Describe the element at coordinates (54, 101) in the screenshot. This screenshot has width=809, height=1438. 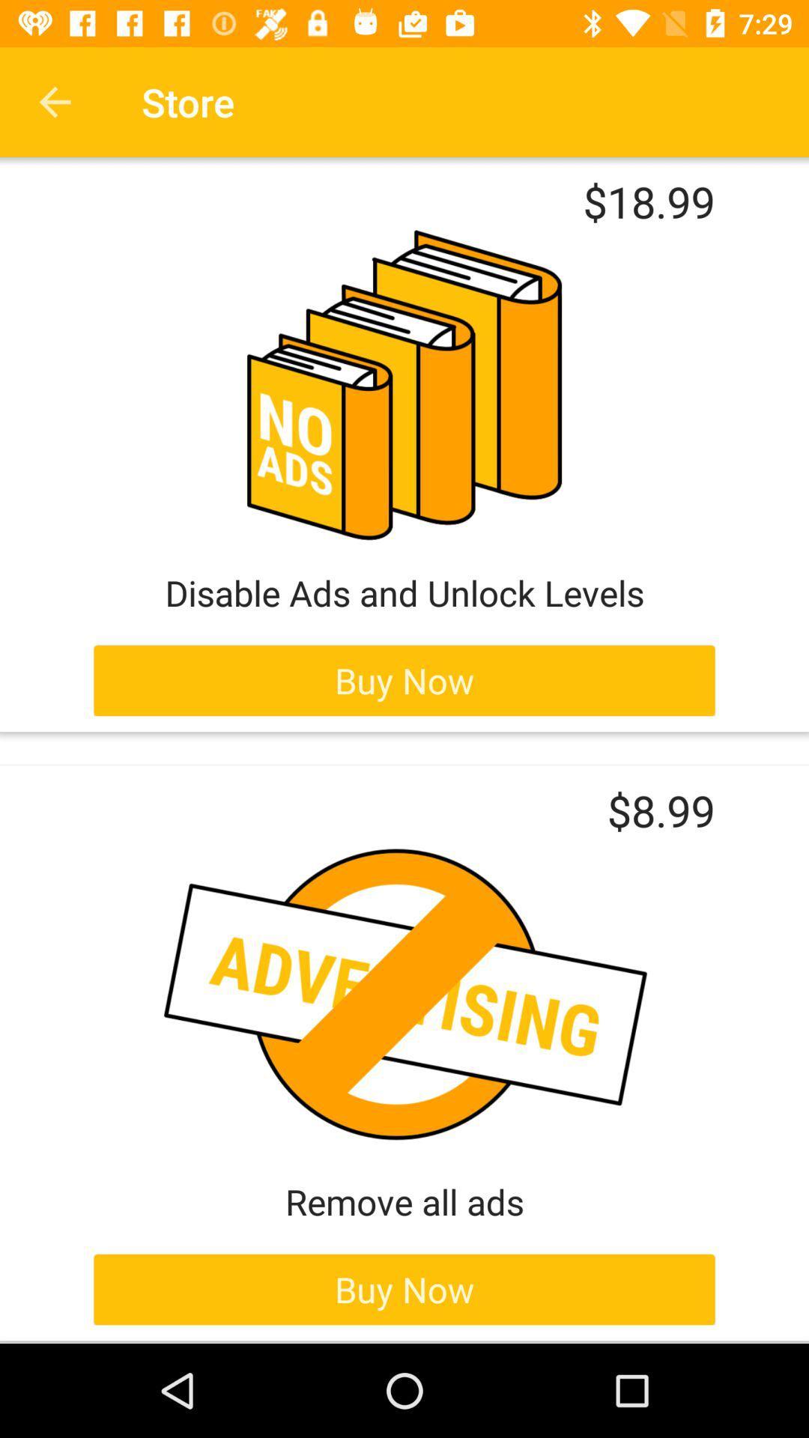
I see `the item to the left of store` at that location.